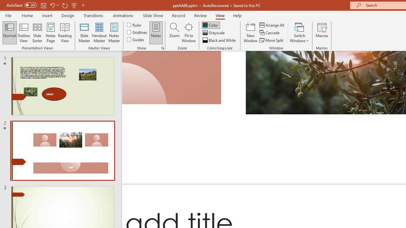 This screenshot has height=228, width=406. I want to click on 'Grid Settings...', so click(163, 47).